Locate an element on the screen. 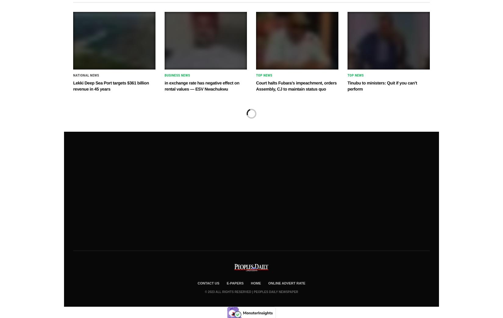  'National News' is located at coordinates (86, 75).